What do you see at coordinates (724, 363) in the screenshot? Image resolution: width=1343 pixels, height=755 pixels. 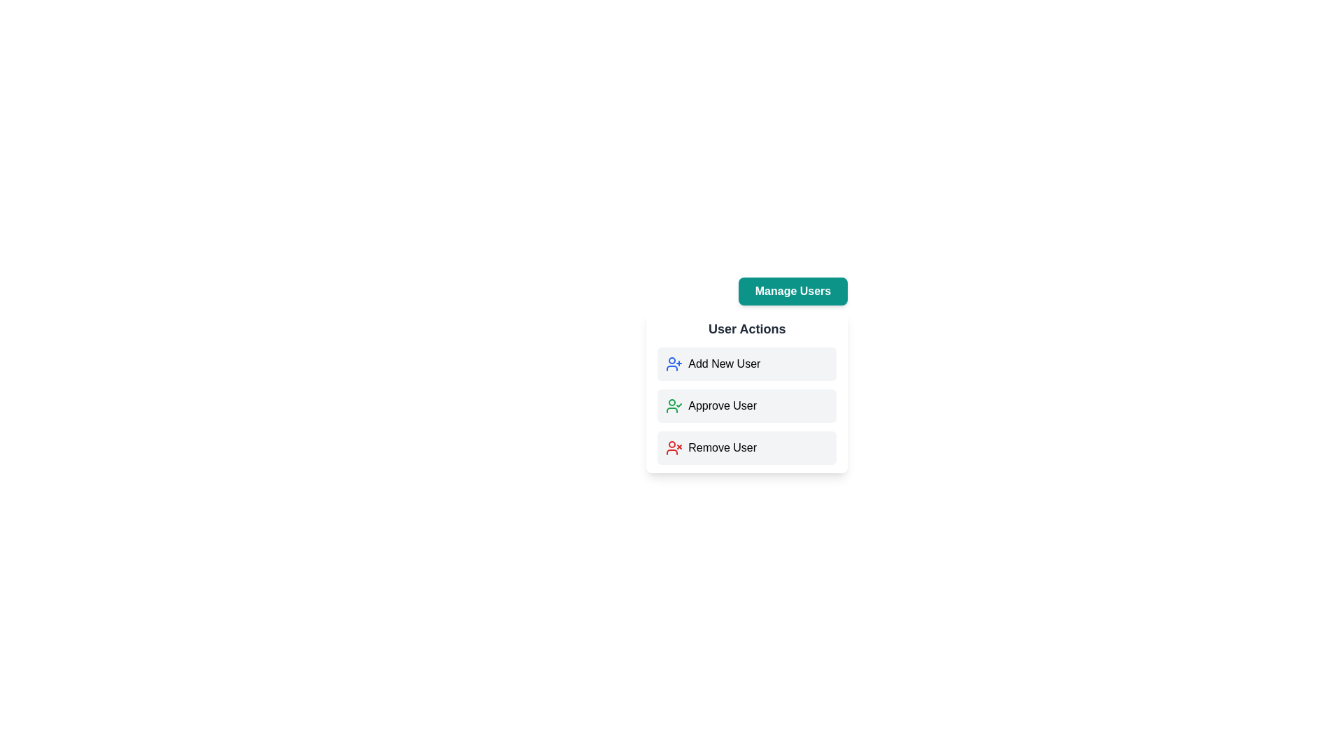 I see `text label displaying 'Add New User' located in the 'User Actions' section of the menu card` at bounding box center [724, 363].